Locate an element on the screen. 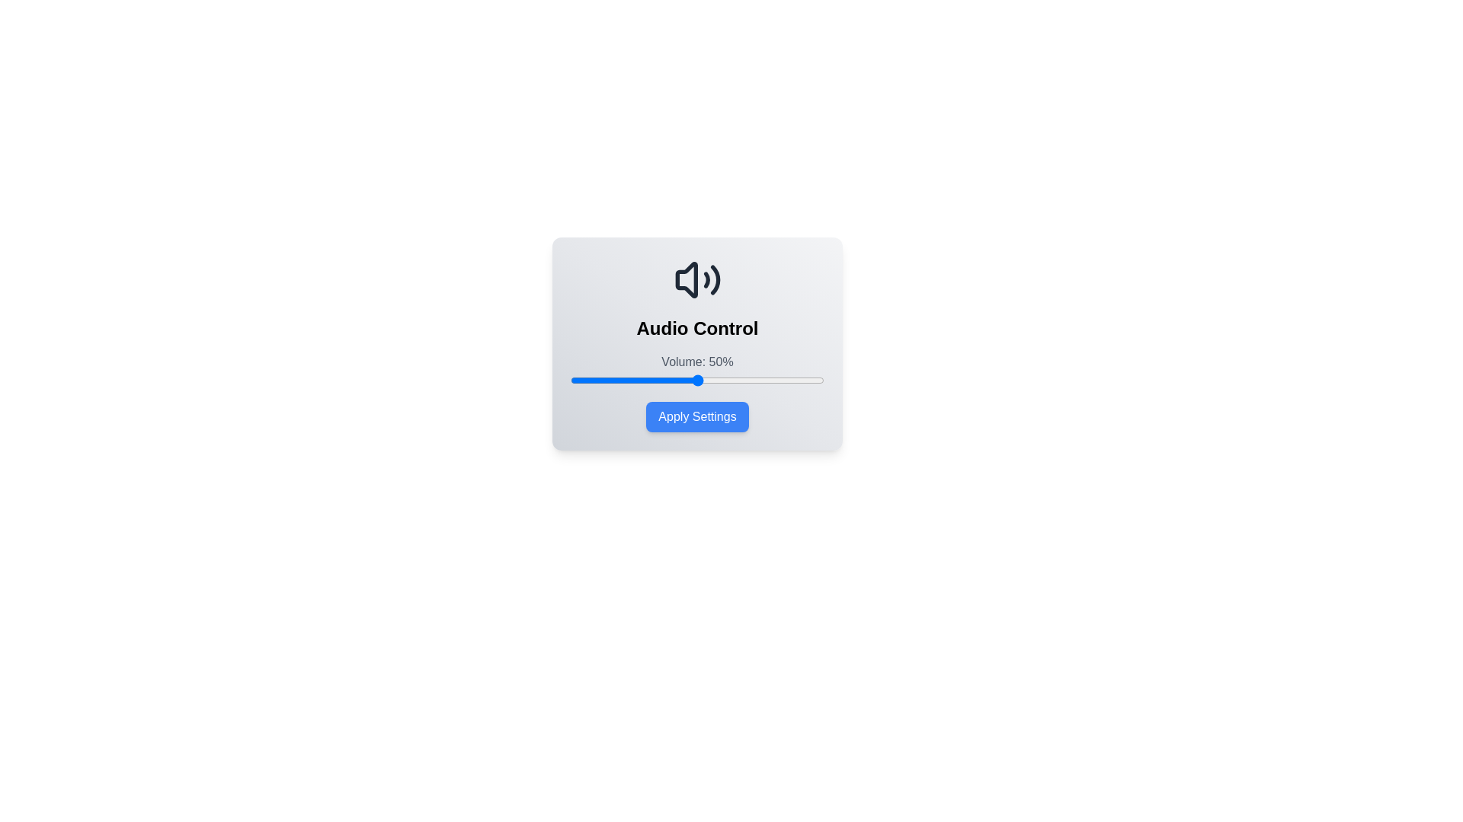  the slider is located at coordinates (735, 380).